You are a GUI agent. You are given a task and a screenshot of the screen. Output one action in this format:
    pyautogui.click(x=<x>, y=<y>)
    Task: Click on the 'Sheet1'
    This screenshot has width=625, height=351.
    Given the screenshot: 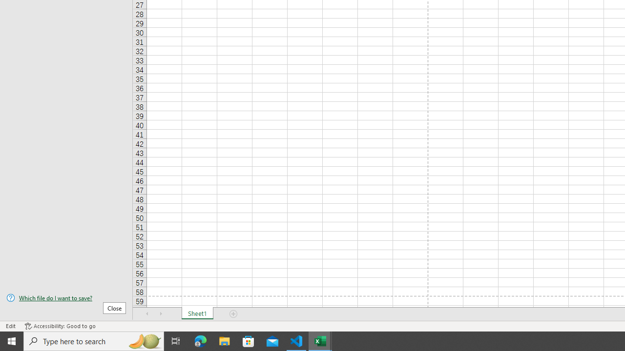 What is the action you would take?
    pyautogui.click(x=197, y=314)
    